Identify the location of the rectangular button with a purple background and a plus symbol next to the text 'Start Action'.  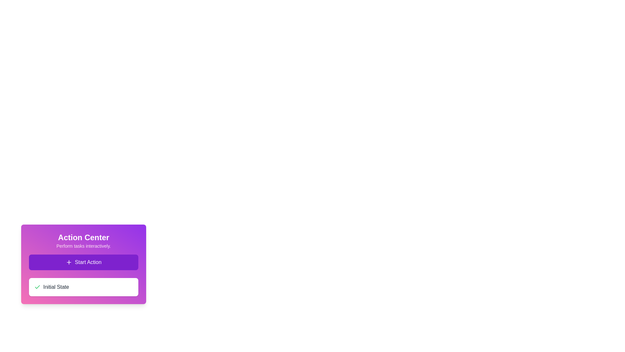
(83, 262).